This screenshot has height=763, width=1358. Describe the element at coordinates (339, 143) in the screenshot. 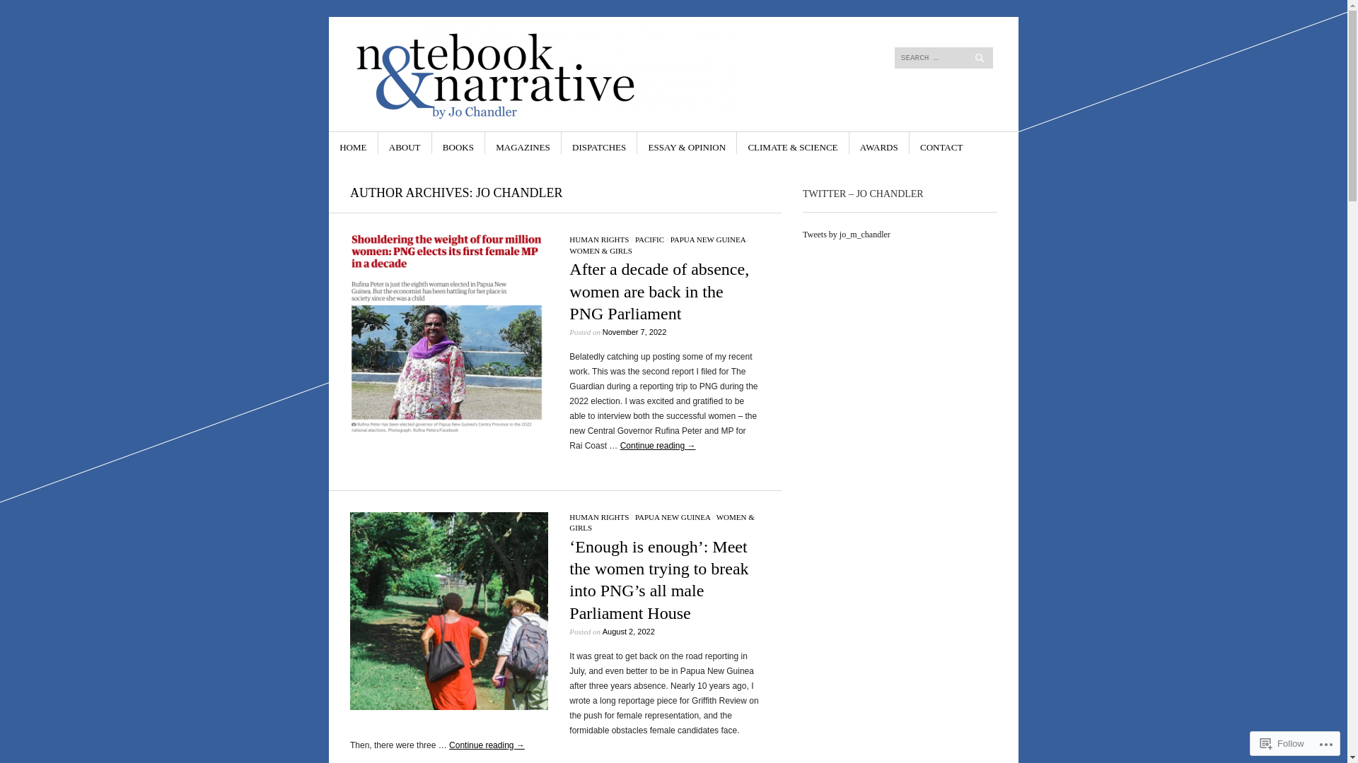

I see `'SKIP TO CONTENT'` at that location.